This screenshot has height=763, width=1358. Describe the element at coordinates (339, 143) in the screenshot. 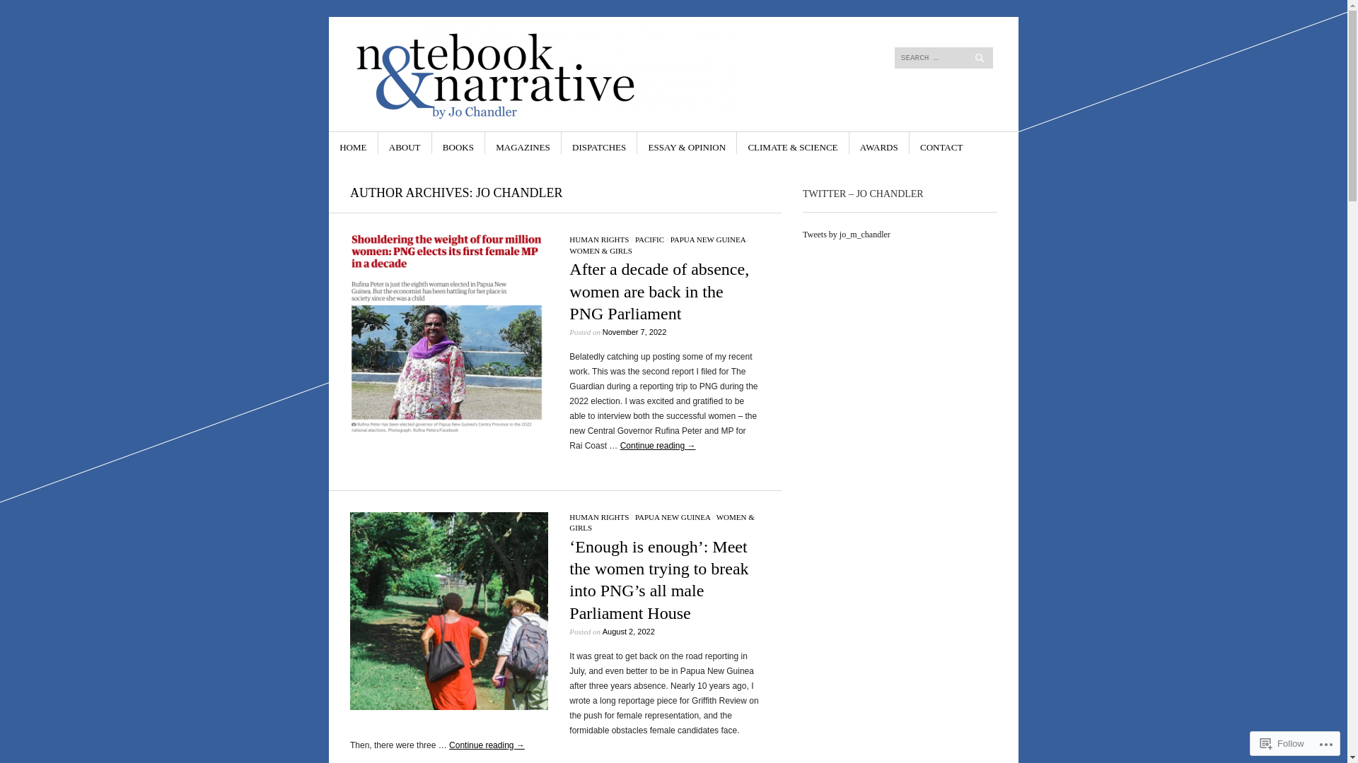

I see `'SKIP TO CONTENT'` at that location.